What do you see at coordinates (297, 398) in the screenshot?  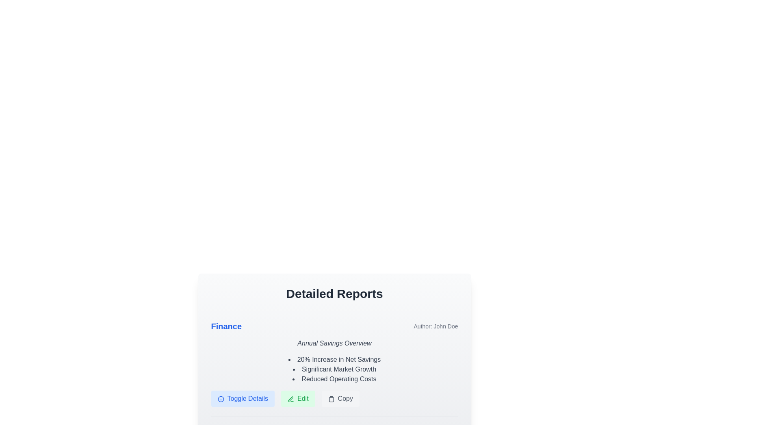 I see `the second button from the left in a row of three buttons at the bottom of the panel to initiate the editing process` at bounding box center [297, 398].